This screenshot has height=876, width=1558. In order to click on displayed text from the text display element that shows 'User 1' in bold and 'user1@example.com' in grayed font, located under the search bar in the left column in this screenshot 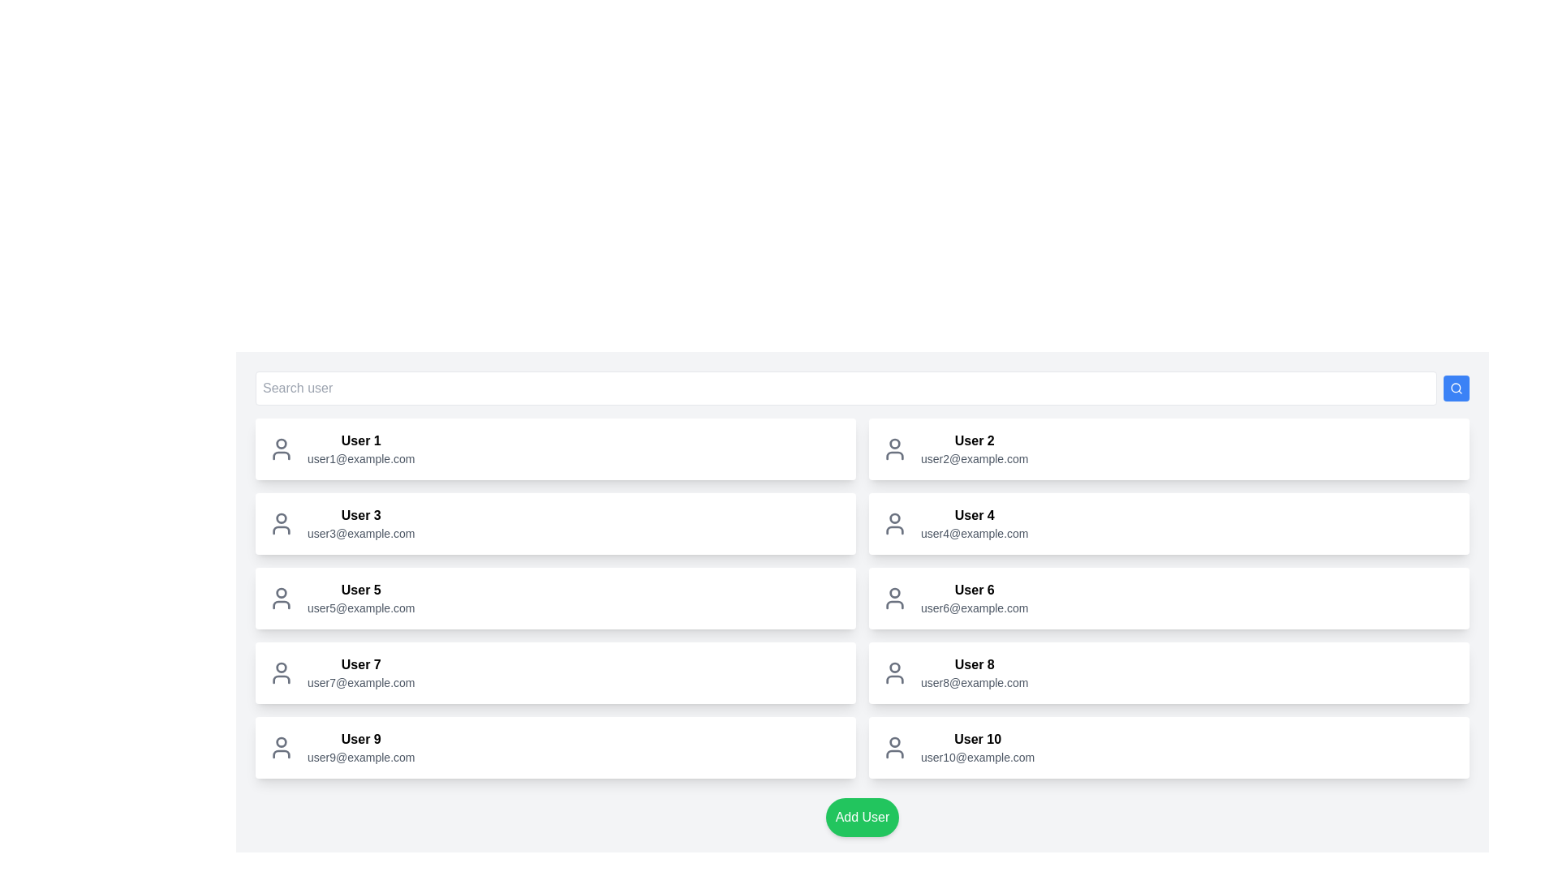, I will do `click(360, 449)`.